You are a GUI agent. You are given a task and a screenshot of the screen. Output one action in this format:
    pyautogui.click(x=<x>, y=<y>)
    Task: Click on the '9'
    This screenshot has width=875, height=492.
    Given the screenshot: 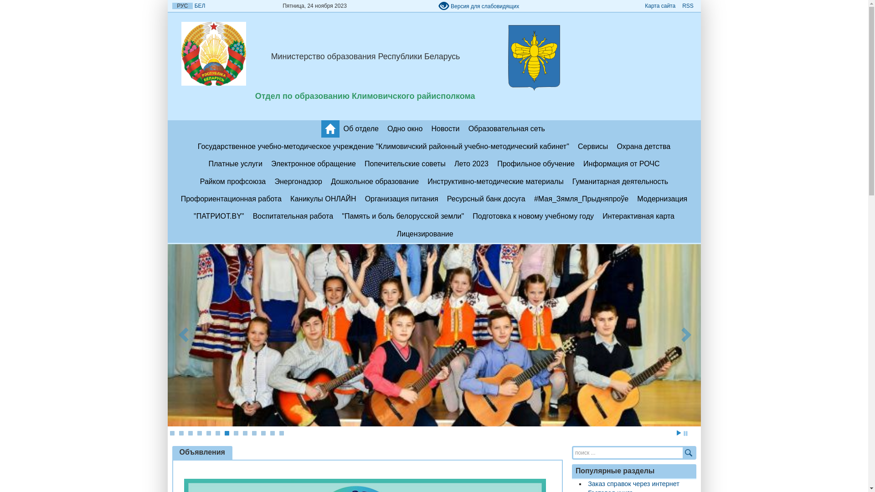 What is the action you would take?
    pyautogui.click(x=245, y=433)
    